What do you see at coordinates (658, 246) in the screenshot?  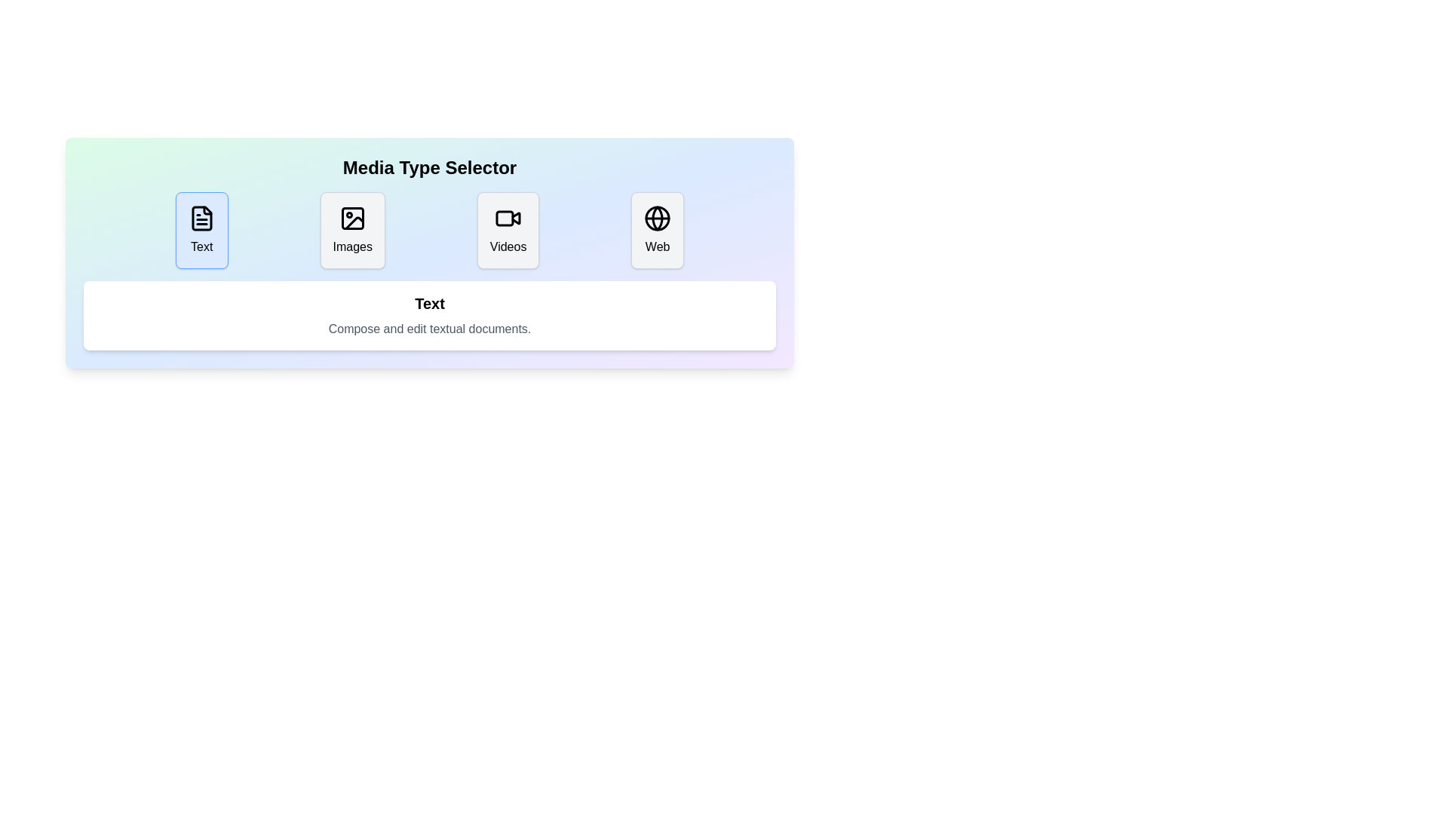 I see `the text label that displays the word 'Web', which is located at the bottom part of a rounded rectangular button with a light gray background, positioned at the rightmost end of a row of similar buttons` at bounding box center [658, 246].